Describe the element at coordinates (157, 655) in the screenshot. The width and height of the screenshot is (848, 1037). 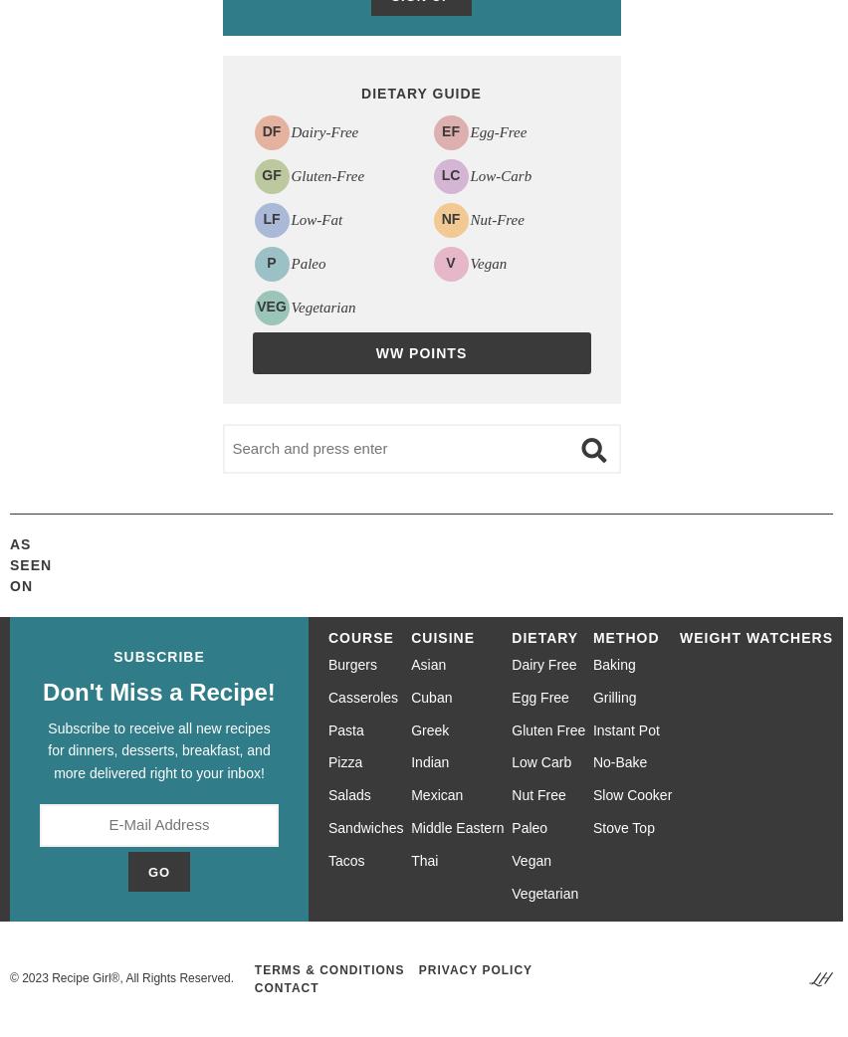
I see `'Subscribe'` at that location.